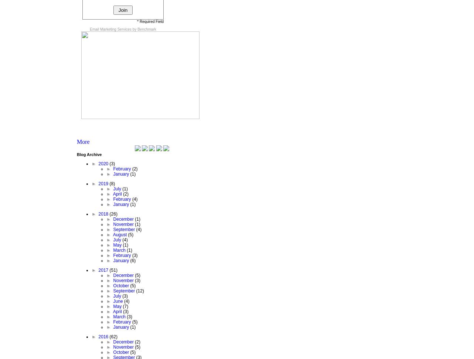 The image size is (474, 359). I want to click on 'More', so click(83, 141).